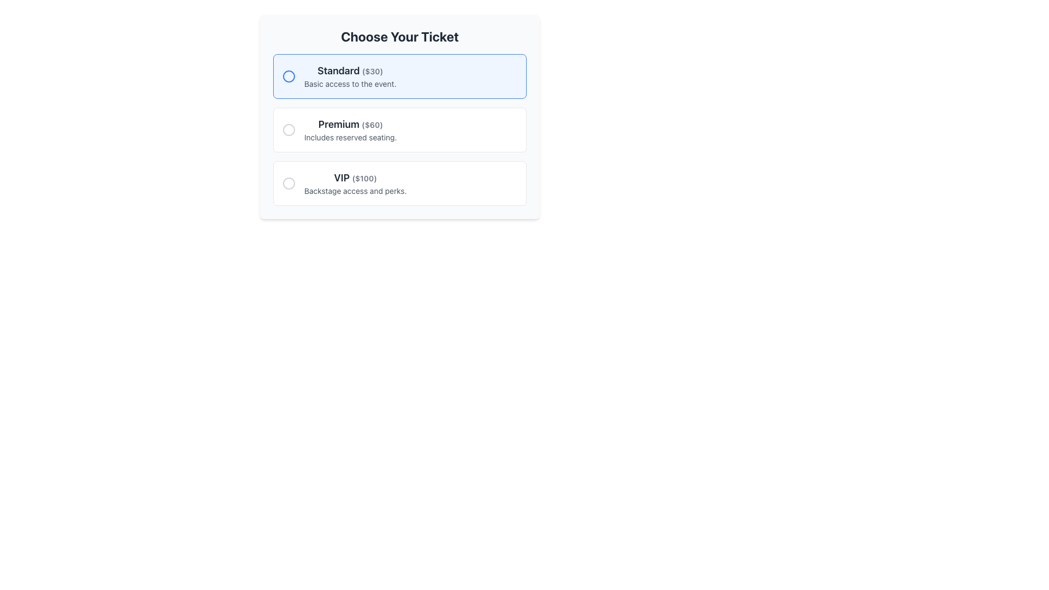 The image size is (1049, 590). Describe the element at coordinates (355, 178) in the screenshot. I see `text label 'VIP ($100)' which is bold and dark gray, located in the third section of the ticket options list just below 'Premium ($60)', with a radio button to its left` at that location.